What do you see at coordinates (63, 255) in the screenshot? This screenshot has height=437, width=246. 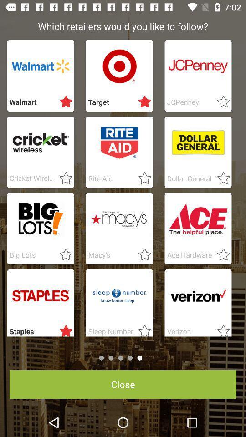 I see `start option` at bounding box center [63, 255].